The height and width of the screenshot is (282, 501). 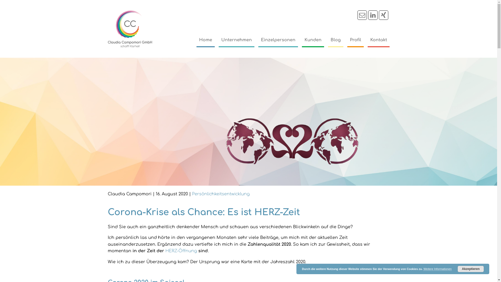 What do you see at coordinates (313, 40) in the screenshot?
I see `'Kunden'` at bounding box center [313, 40].